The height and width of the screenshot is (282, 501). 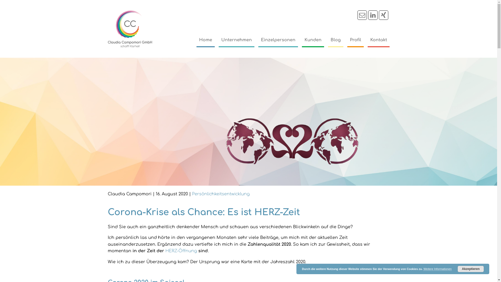 What do you see at coordinates (313, 40) in the screenshot?
I see `'Kunden'` at bounding box center [313, 40].